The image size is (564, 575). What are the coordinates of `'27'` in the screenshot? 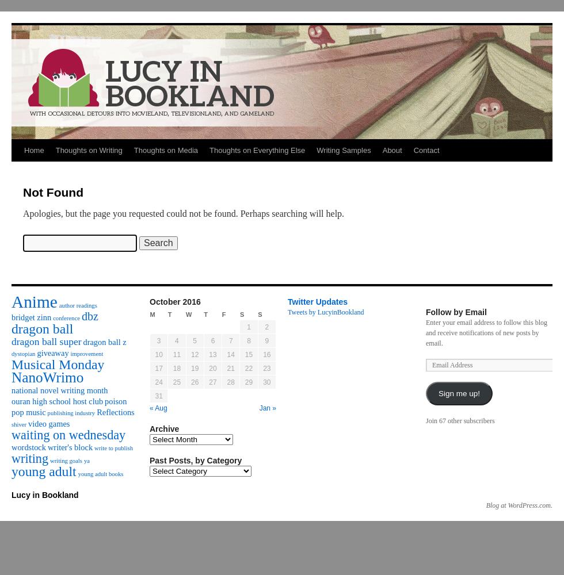 It's located at (212, 382).